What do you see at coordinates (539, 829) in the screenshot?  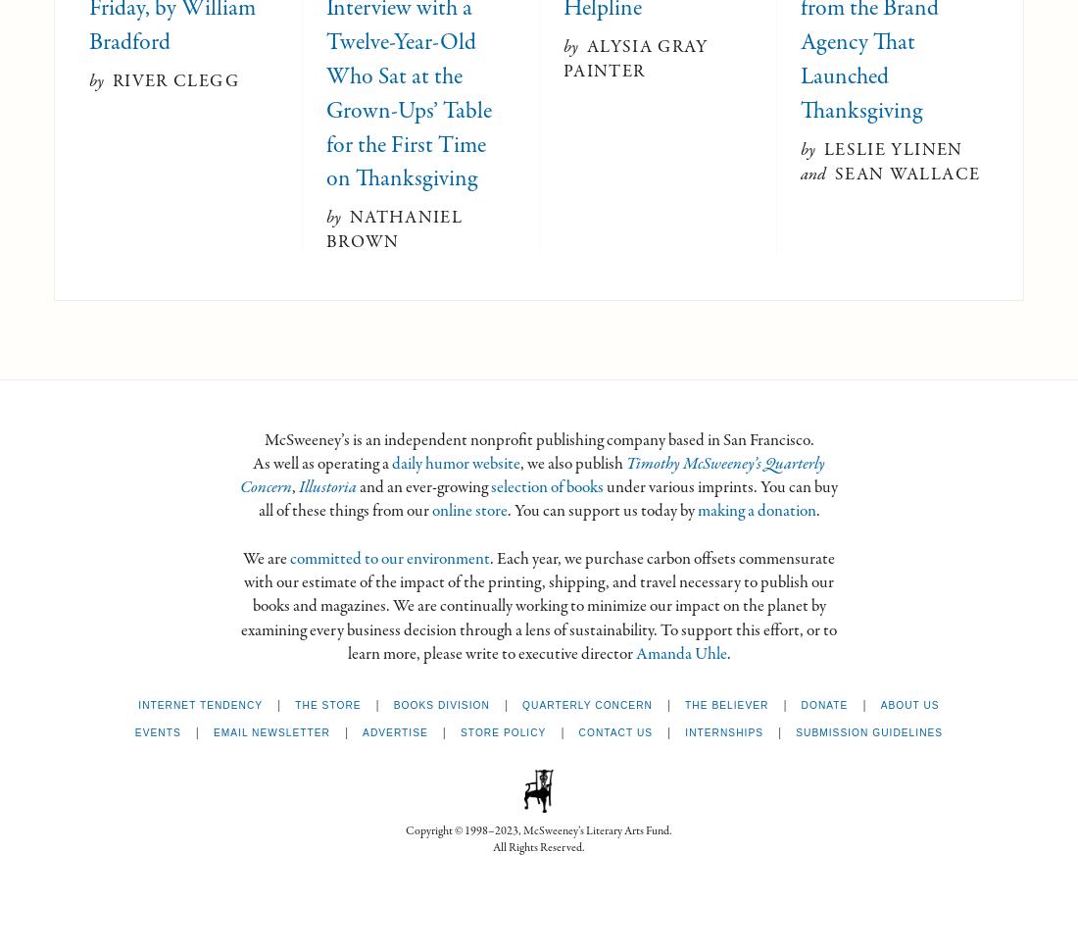 I see `'Copyright © 1998–2023, McSweeney’s Literary Arts Fund.'` at bounding box center [539, 829].